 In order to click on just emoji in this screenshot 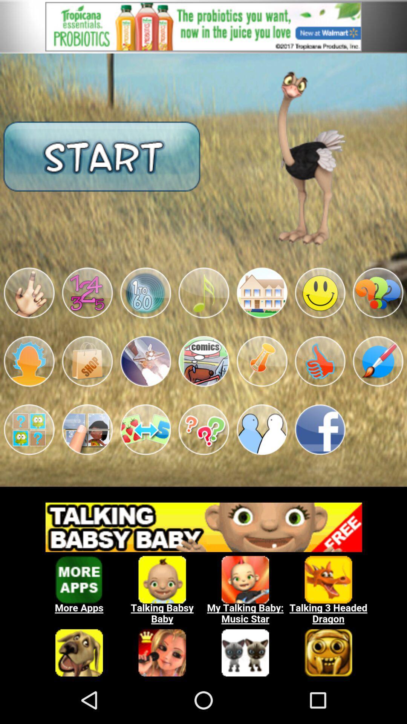, I will do `click(29, 293)`.